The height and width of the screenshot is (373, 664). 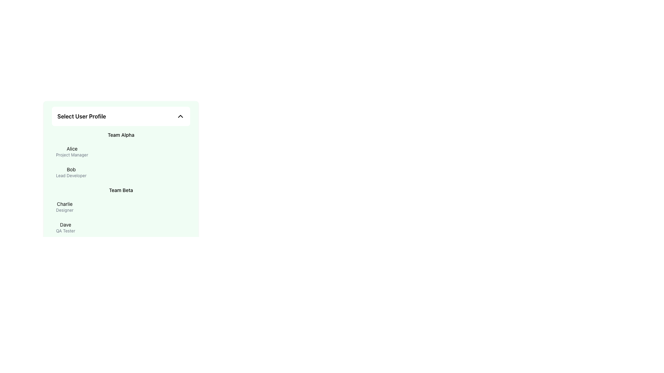 I want to click on the text label identifying the team or group, located above the entries for 'Alice' and 'Bob', so click(x=121, y=135).